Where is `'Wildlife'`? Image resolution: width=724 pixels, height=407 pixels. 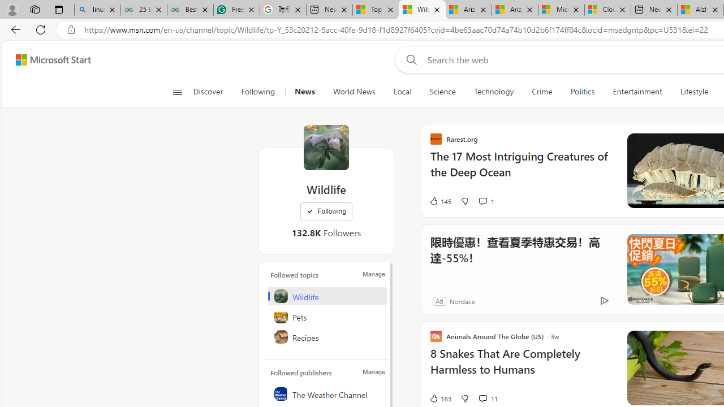 'Wildlife' is located at coordinates (326, 147).